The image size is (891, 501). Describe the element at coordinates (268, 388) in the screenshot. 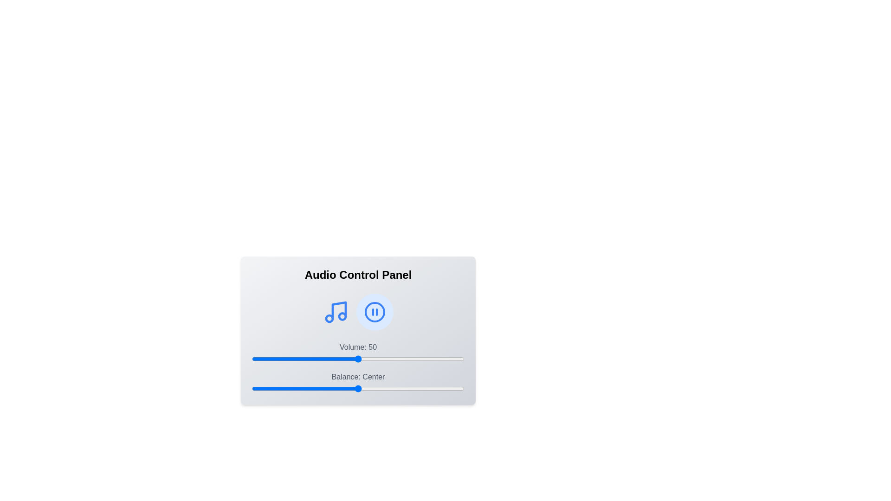

I see `the balance` at that location.